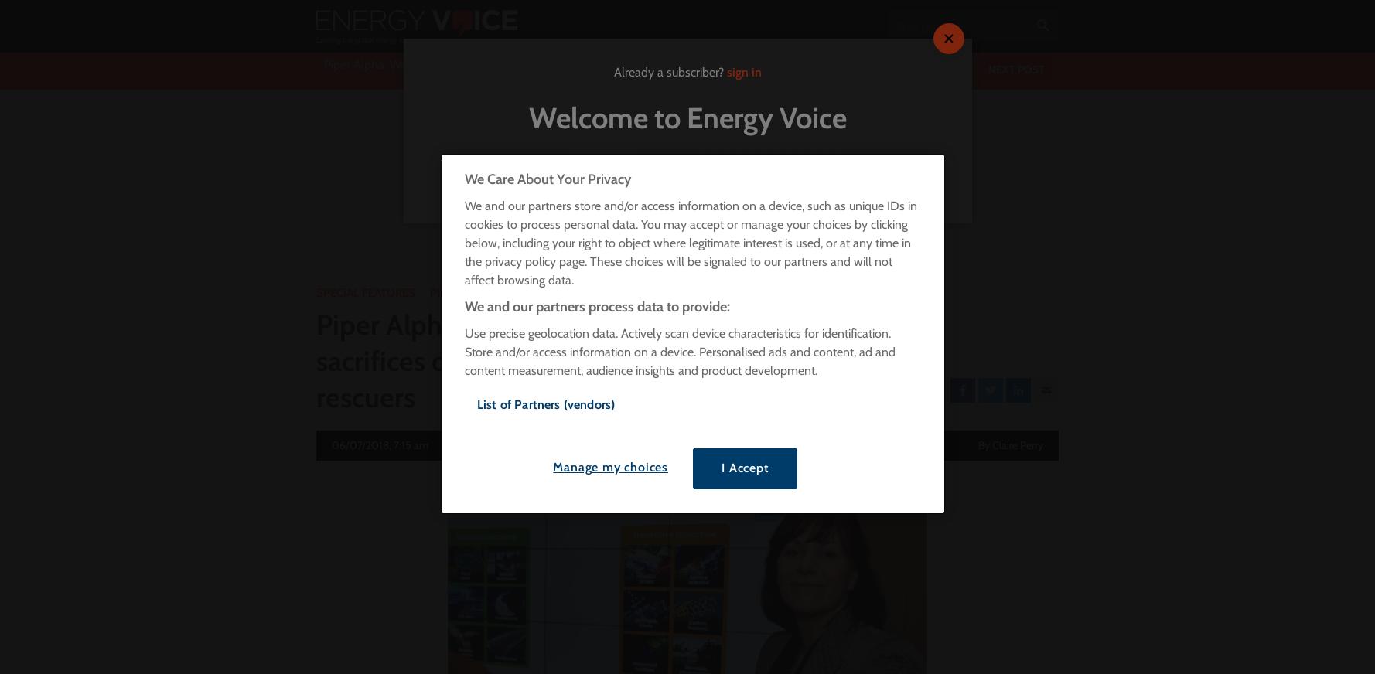  I want to click on 'North Sea', so click(707, 179).